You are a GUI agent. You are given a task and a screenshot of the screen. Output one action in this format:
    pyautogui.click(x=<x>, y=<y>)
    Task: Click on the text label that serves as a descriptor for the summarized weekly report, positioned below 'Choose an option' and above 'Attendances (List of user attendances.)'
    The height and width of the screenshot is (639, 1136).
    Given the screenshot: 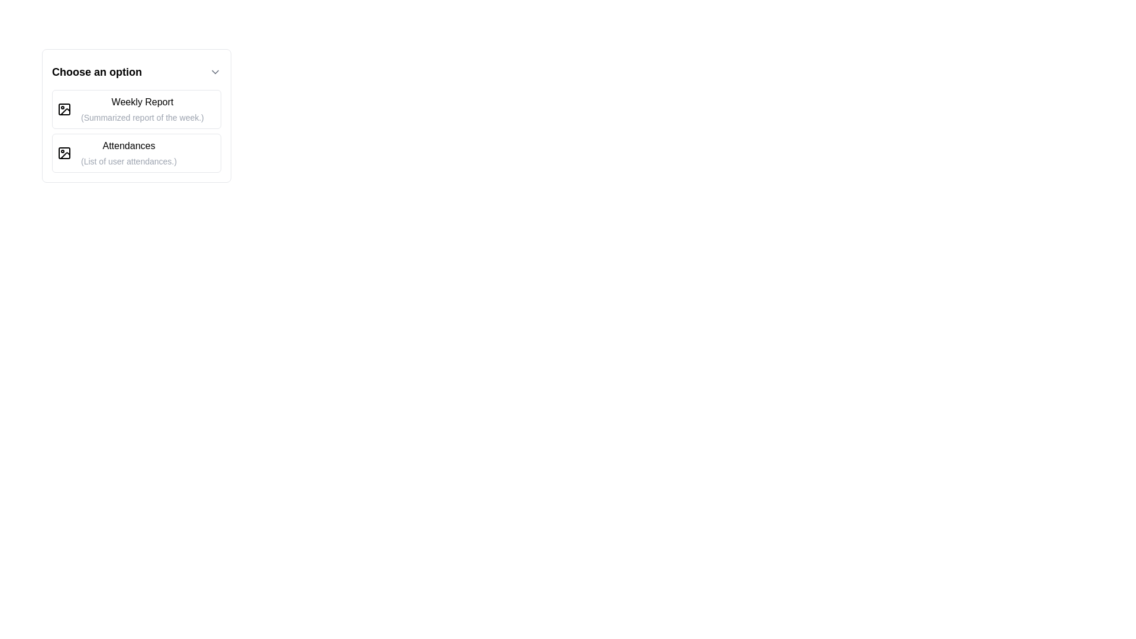 What is the action you would take?
    pyautogui.click(x=142, y=109)
    